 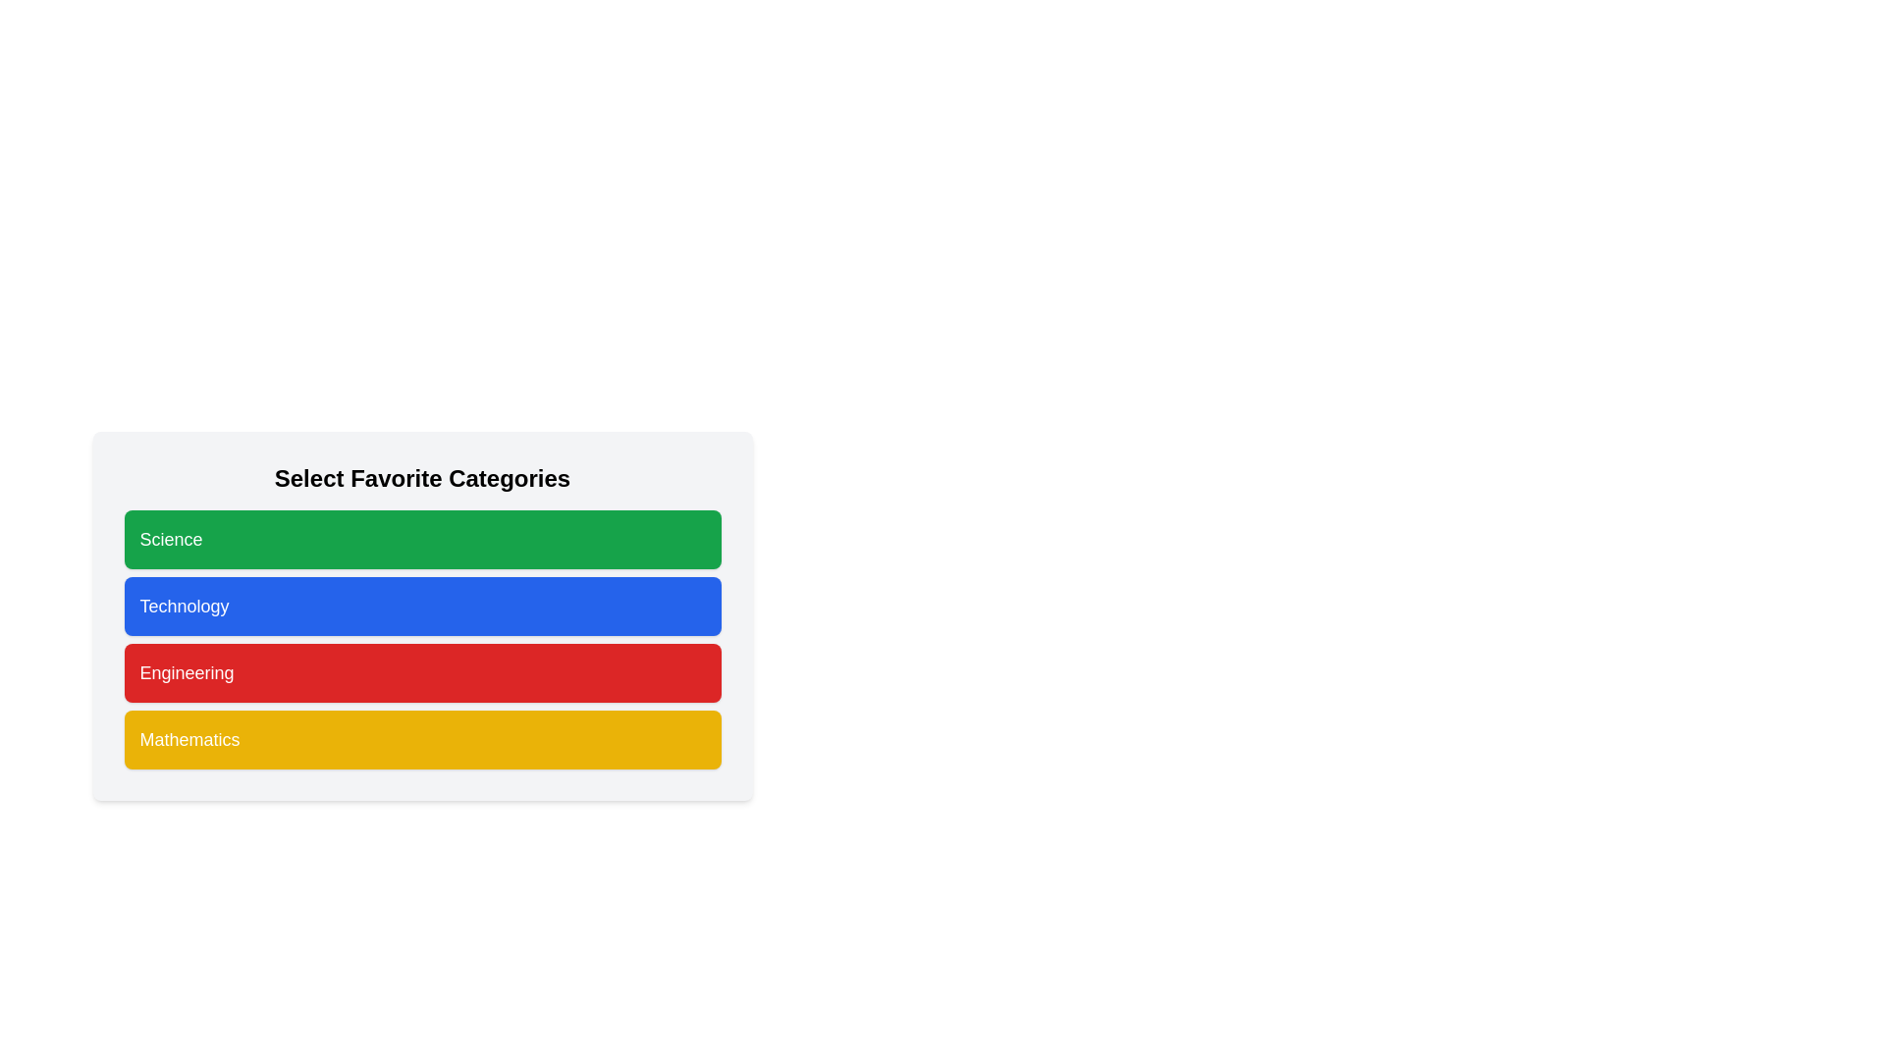 I want to click on the first button in the vertical list, so click(x=421, y=540).